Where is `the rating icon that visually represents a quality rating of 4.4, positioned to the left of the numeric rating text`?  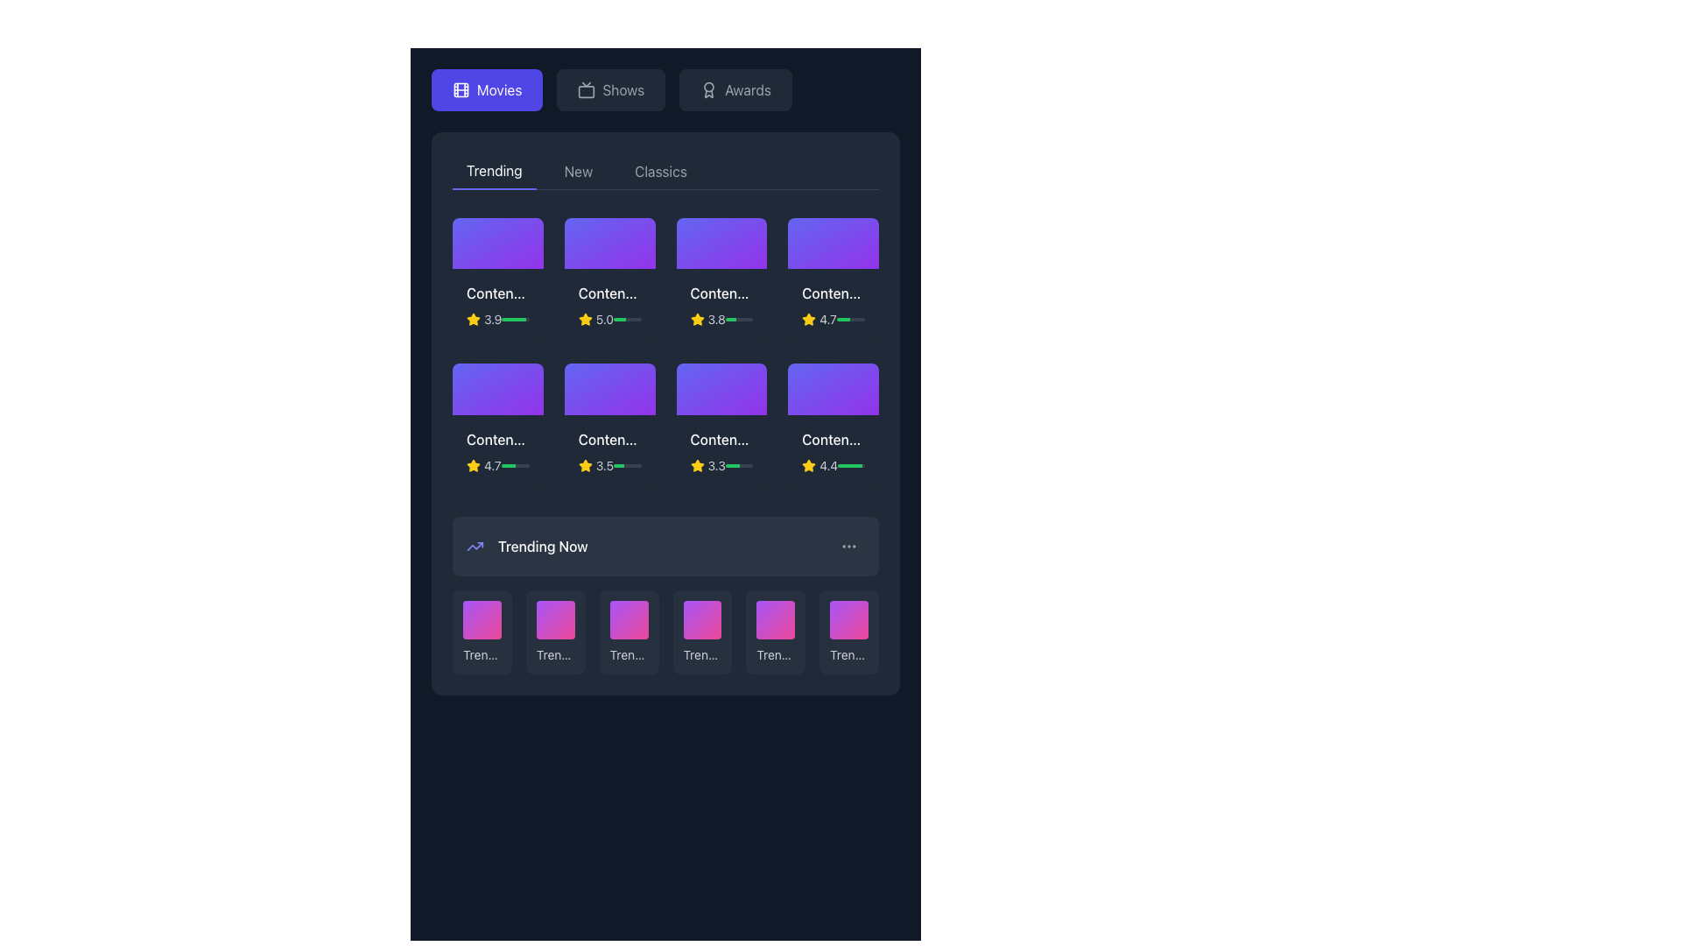
the rating icon that visually represents a quality rating of 4.4, positioned to the left of the numeric rating text is located at coordinates (808, 464).